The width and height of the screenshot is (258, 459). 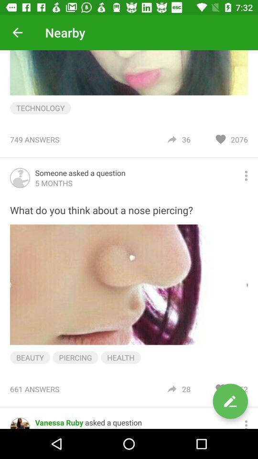 I want to click on share the article, so click(x=246, y=175).